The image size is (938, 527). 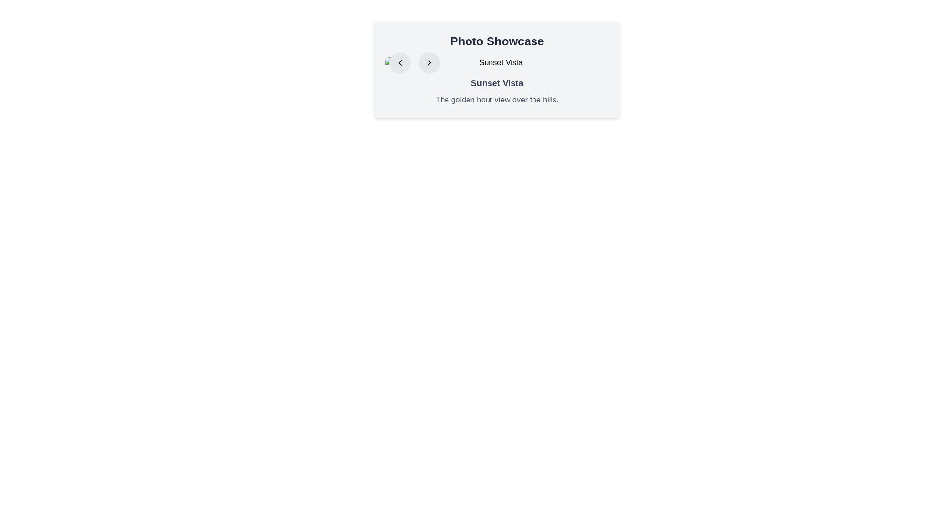 I want to click on the navigation button on the right side of the left-chevron icon in the 'Photo Showcase' section, so click(x=429, y=62).